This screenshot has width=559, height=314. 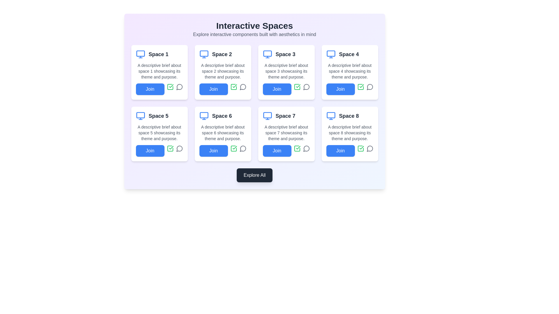 I want to click on the circular message bubble icon in the bottom right corner of the 'Space 3' card, so click(x=306, y=87).